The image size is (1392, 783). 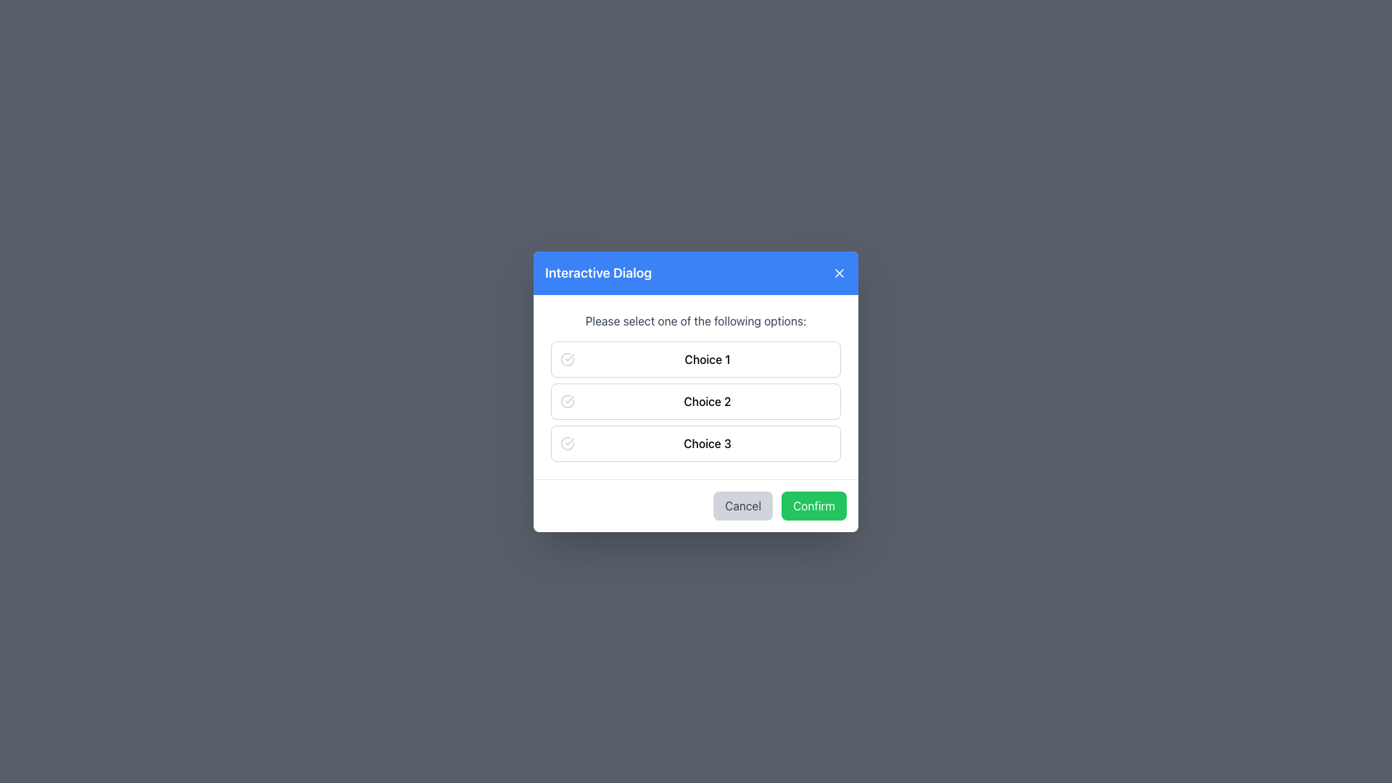 I want to click on the circular icon with a checkmark inside, located at the leftmost part of the 'Choice 1' menu item, so click(x=566, y=358).